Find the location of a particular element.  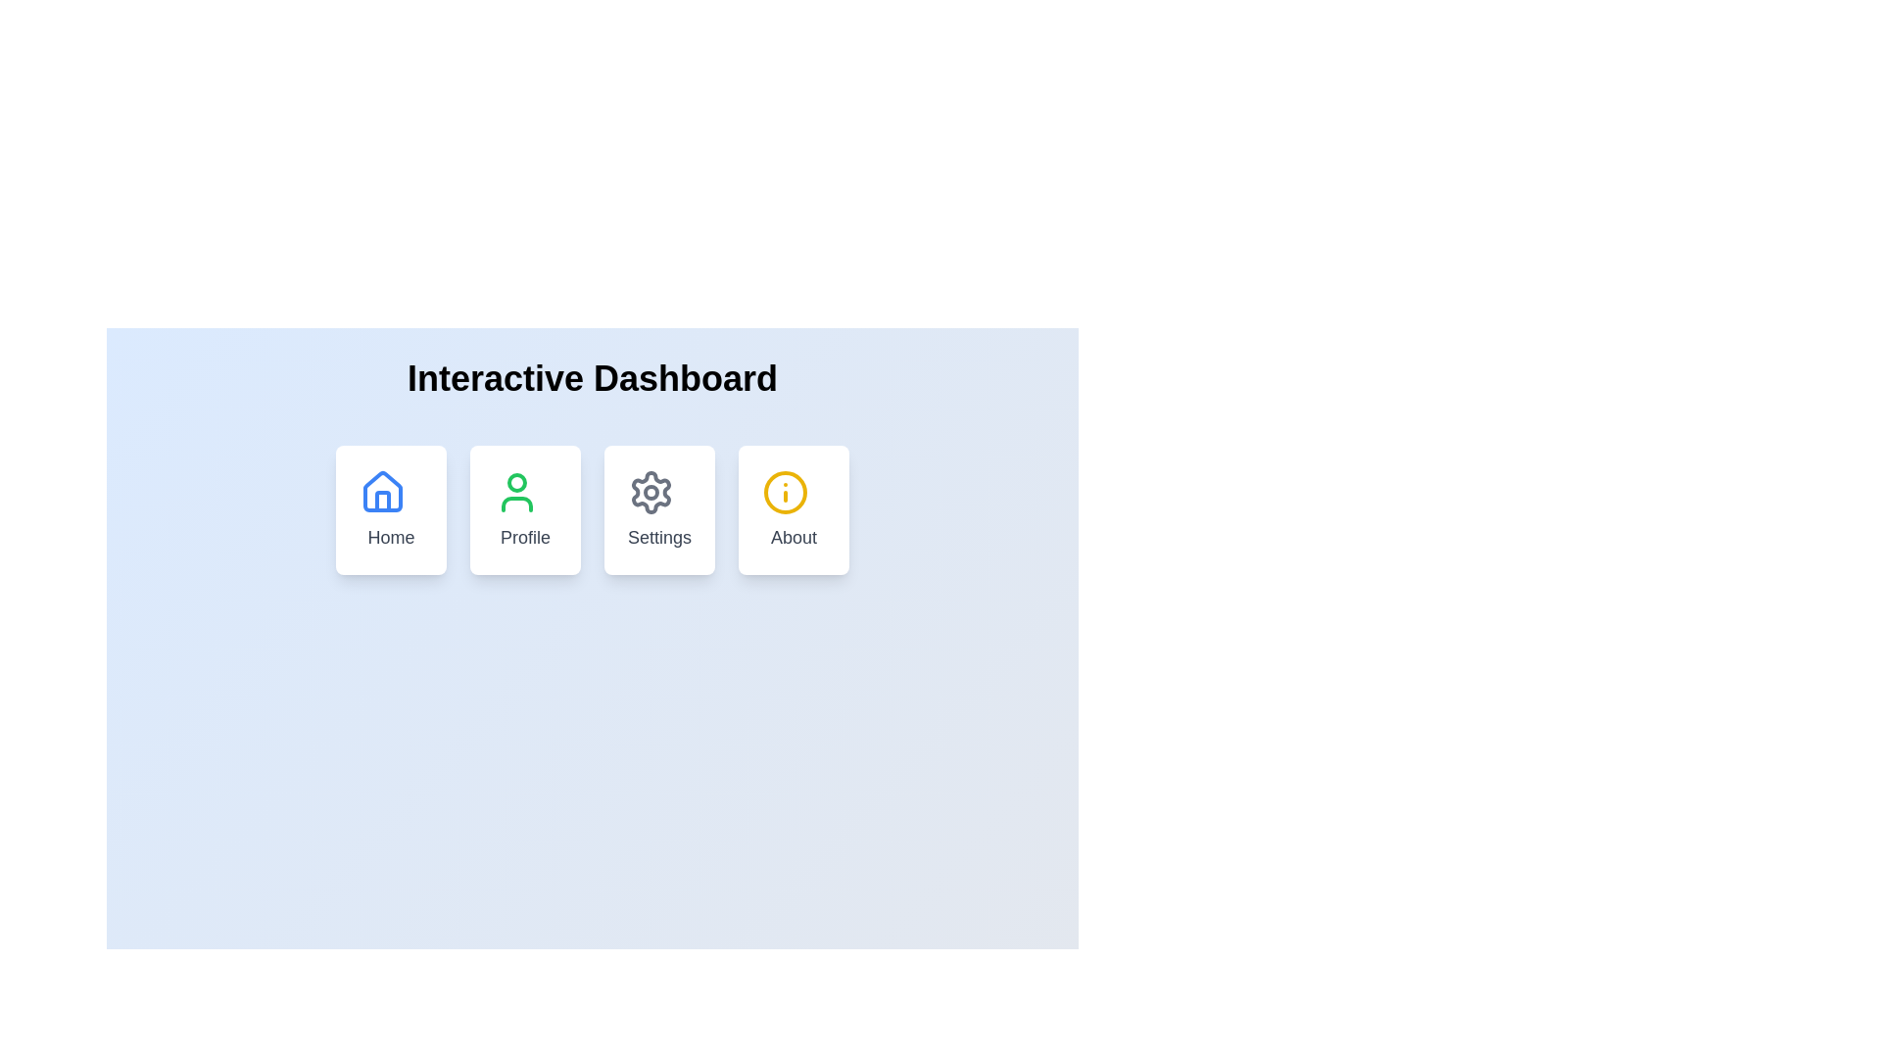

the decorative graphic element centered within the 'About' icon at the bottom-right of the main user interface is located at coordinates (785, 491).